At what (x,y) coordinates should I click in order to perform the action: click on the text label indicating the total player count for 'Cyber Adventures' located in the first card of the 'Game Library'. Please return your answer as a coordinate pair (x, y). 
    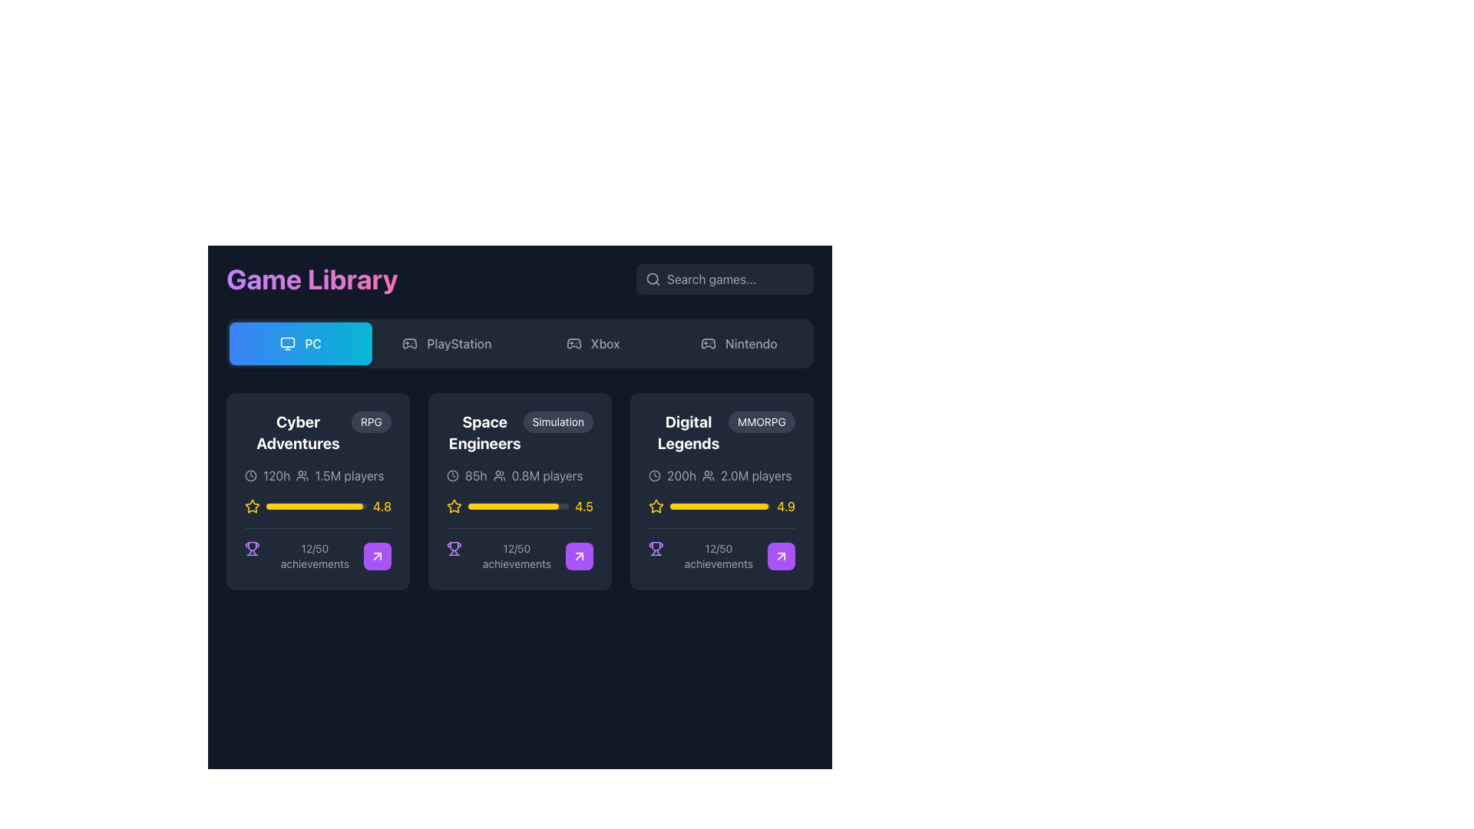
    Looking at the image, I should click on (349, 475).